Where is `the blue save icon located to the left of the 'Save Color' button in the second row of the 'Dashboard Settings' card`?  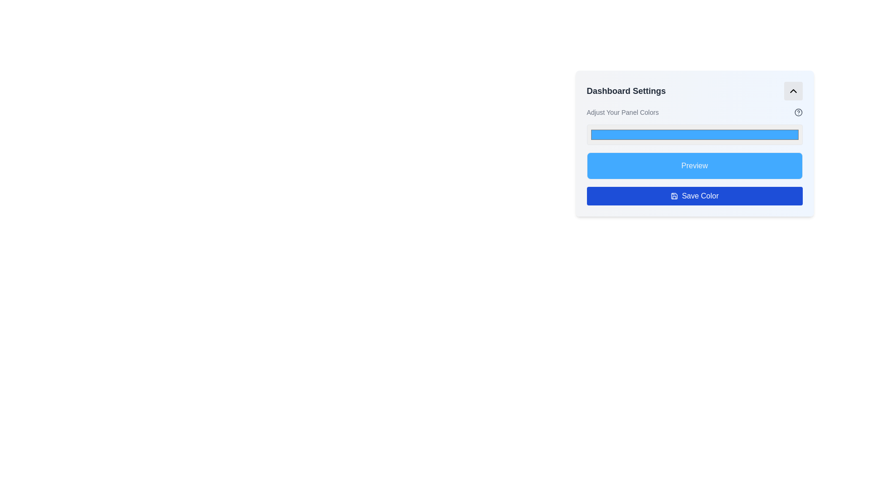 the blue save icon located to the left of the 'Save Color' button in the second row of the 'Dashboard Settings' card is located at coordinates (674, 195).